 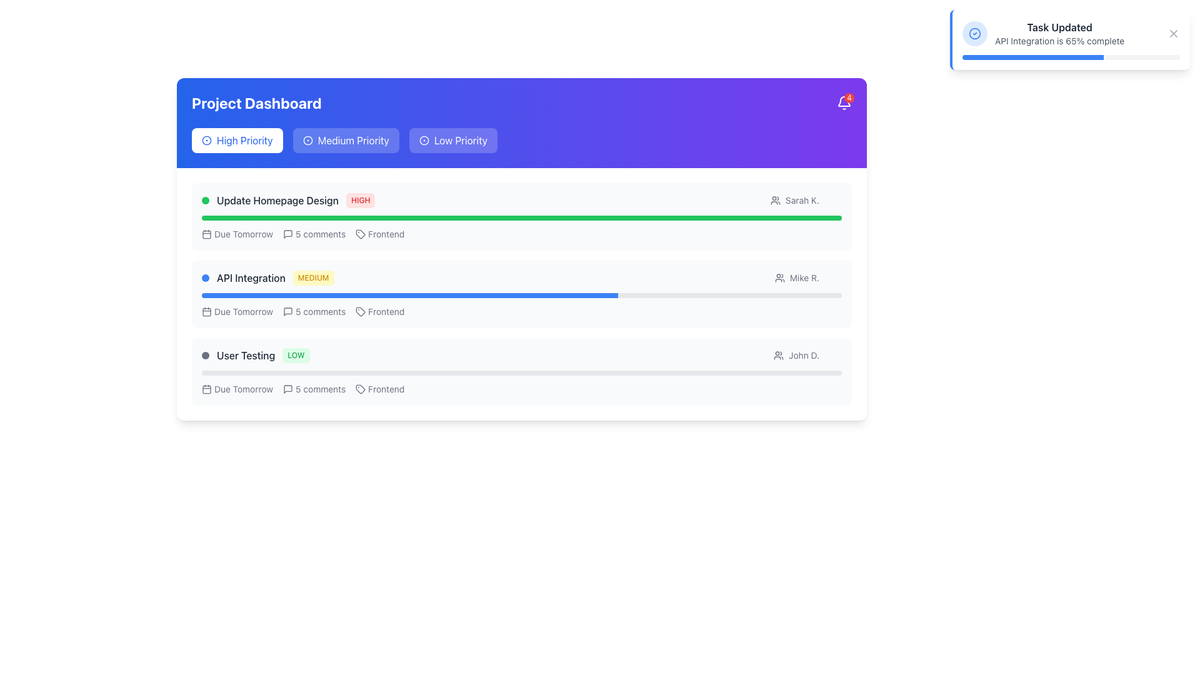 What do you see at coordinates (207, 311) in the screenshot?
I see `the graphical rectangle with rounded corners that is part of the SVG calendar icon, located near the task summary for 'API Integration,' aligned with the text 'Due Tomorrow.'` at bounding box center [207, 311].